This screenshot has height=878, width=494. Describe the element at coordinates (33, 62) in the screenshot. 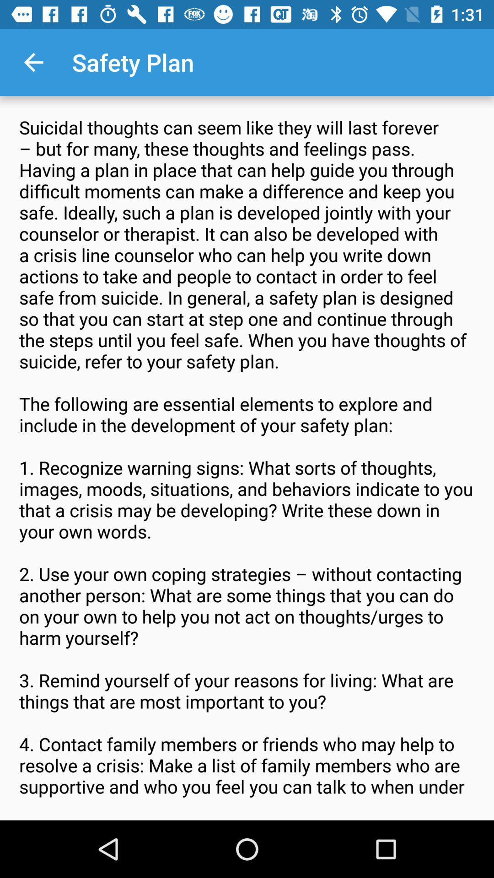

I see `item next to safety plan icon` at that location.